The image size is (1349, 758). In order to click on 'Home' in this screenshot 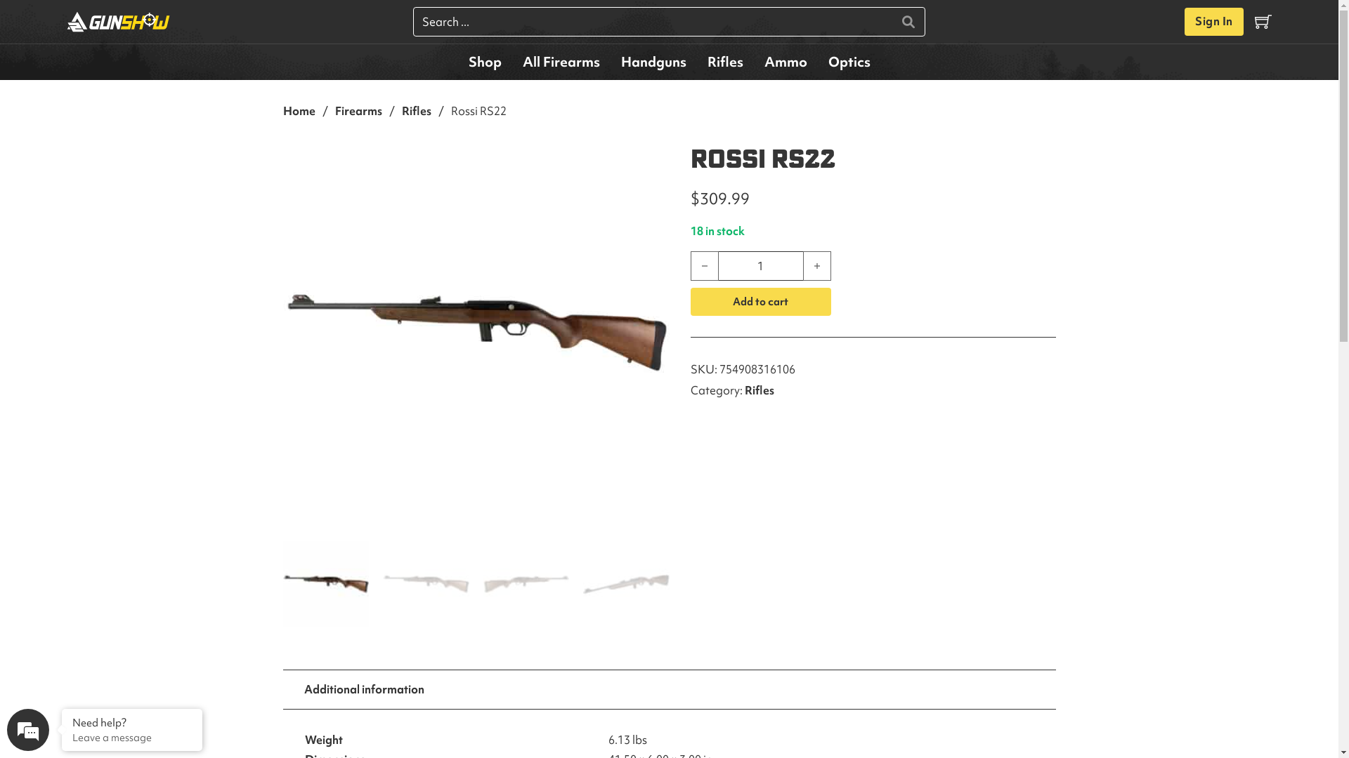, I will do `click(282, 110)`.